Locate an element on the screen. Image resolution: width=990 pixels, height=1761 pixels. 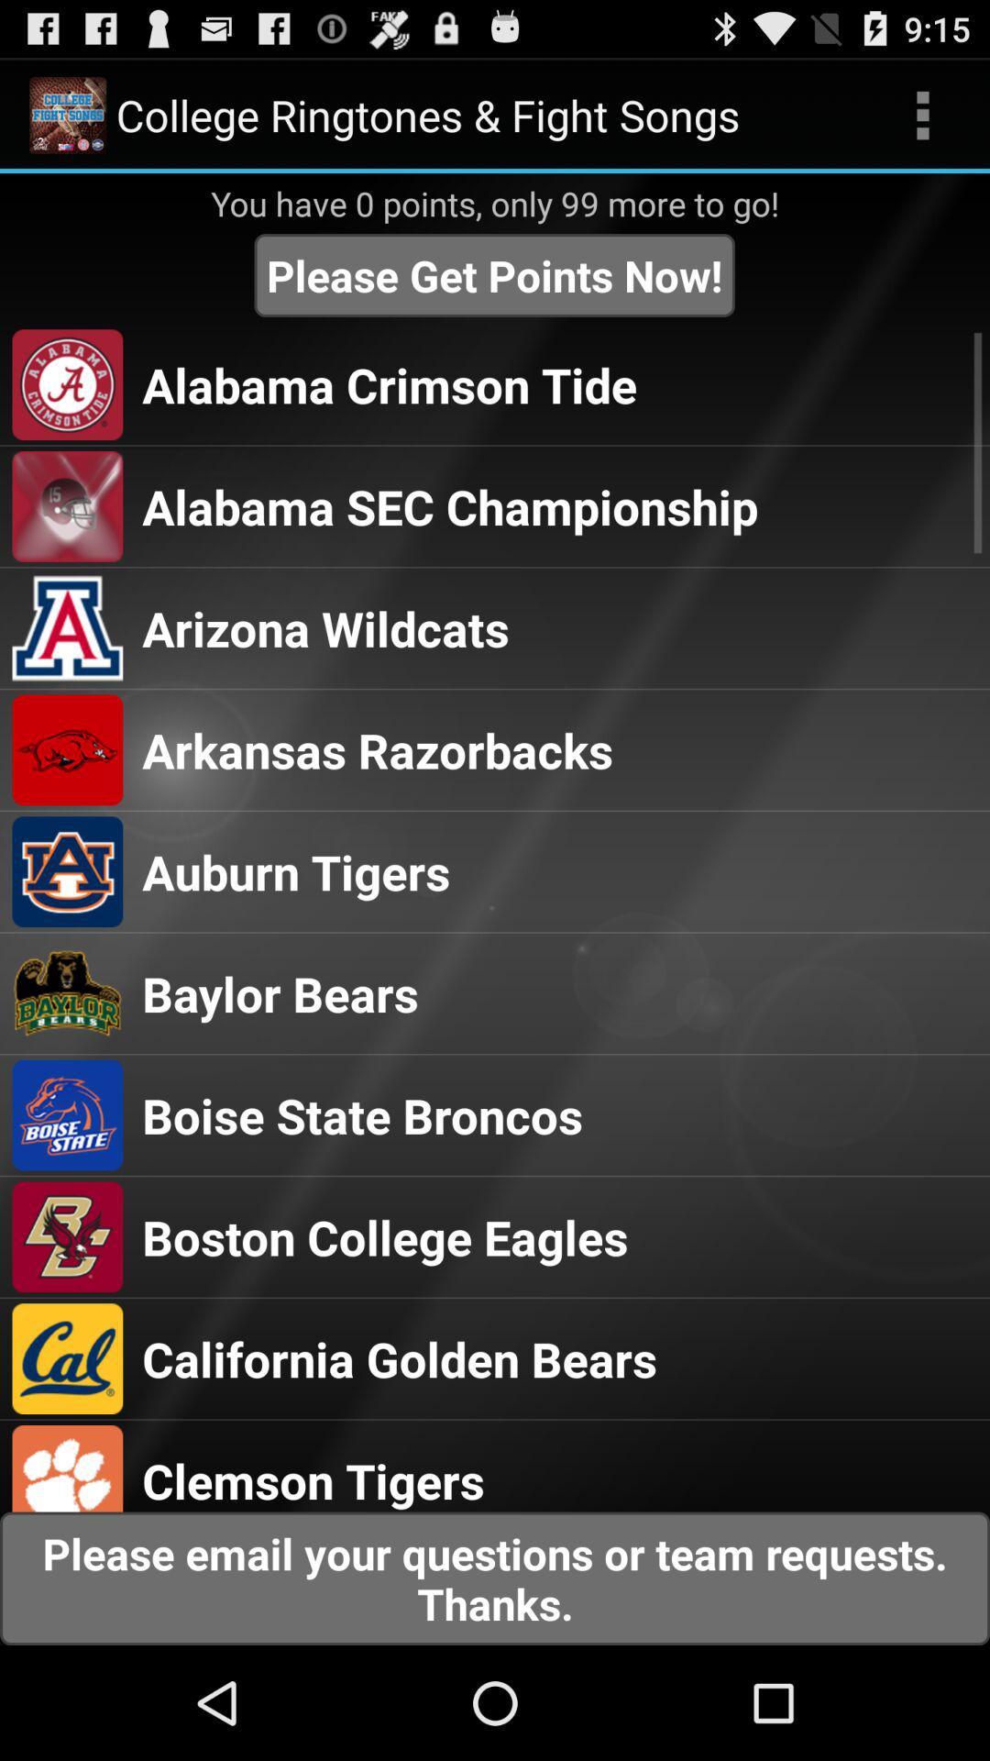
california golden bears icon is located at coordinates (399, 1358).